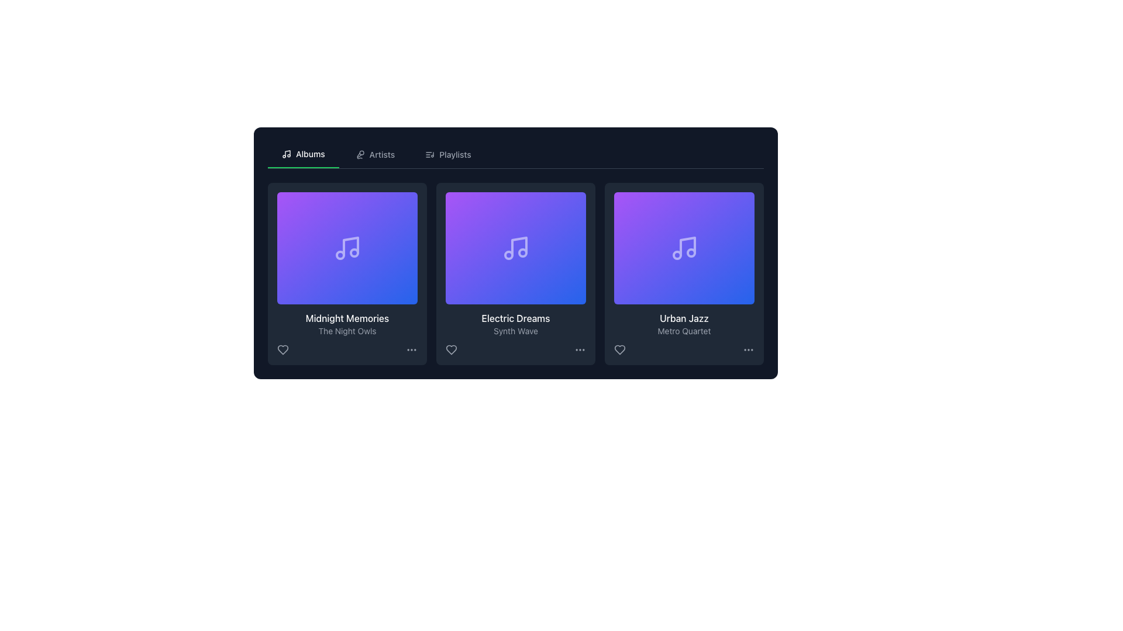 The image size is (1123, 631). Describe the element at coordinates (684, 318) in the screenshot. I see `the text label representing the title 'Urban Jazz', located inside the third card in a horizontal list layout, above the smaller gray text 'Metro Quartet'` at that location.